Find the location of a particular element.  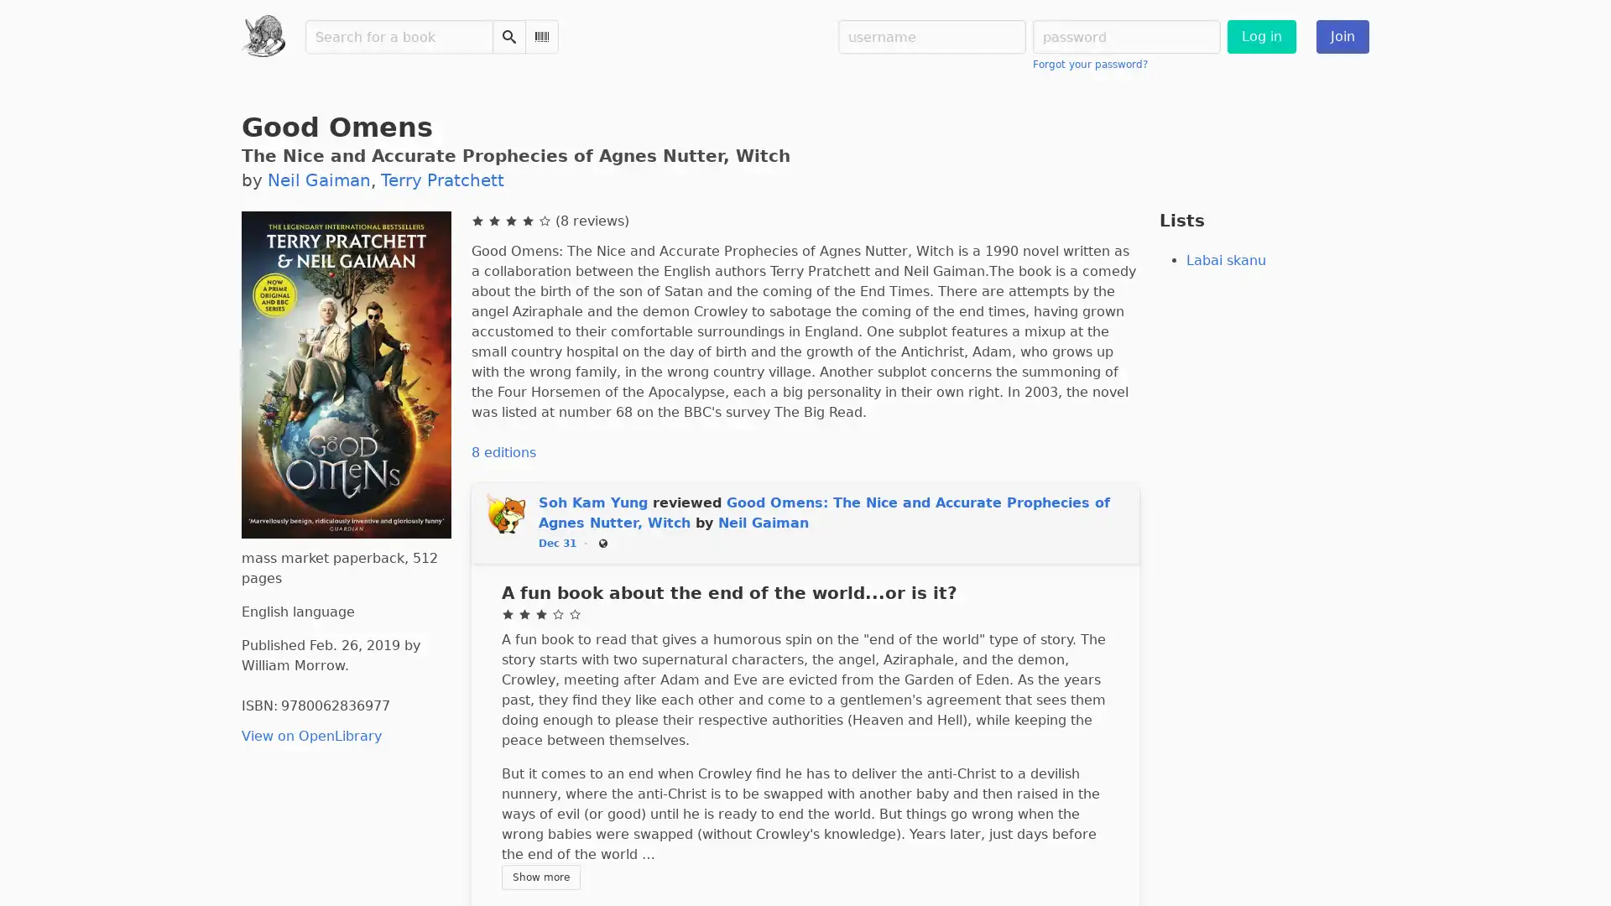

Show more is located at coordinates (540, 876).